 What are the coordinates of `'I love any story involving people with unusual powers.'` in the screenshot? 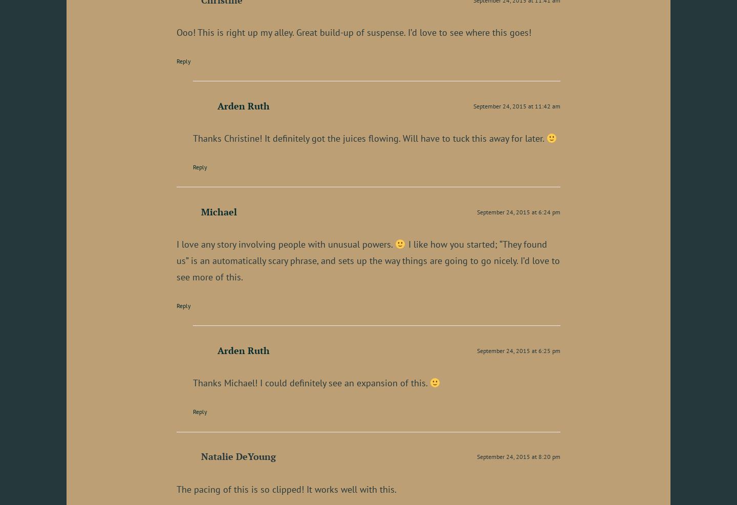 It's located at (286, 244).